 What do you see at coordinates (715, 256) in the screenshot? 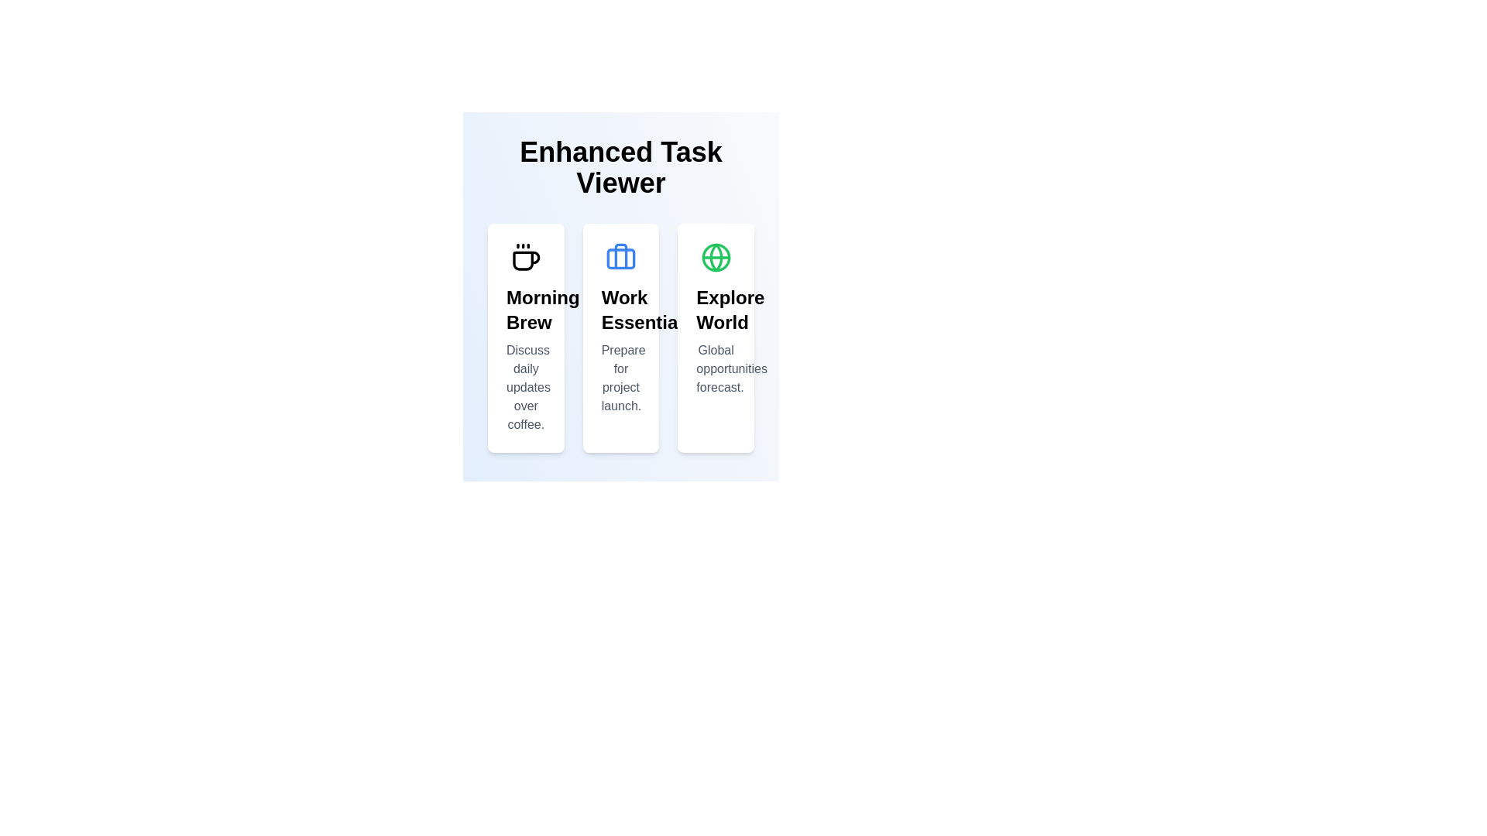
I see `the decorative icon that serves as a theme of exploration and global opportunities, located at the top of the 'Explore World' card` at bounding box center [715, 256].